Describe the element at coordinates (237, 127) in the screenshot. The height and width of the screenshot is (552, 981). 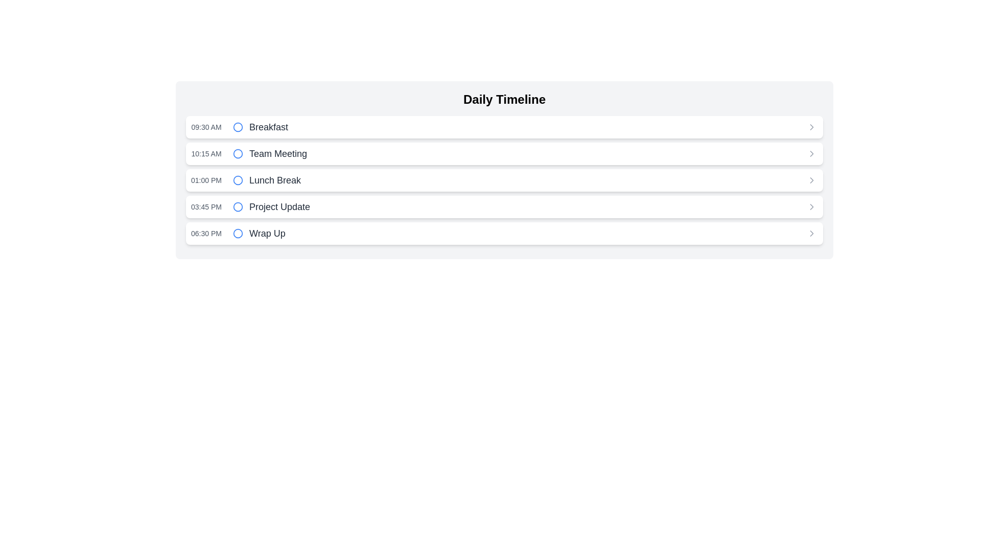
I see `the circular outline with a blue stroke located next to the text 'Breakfast' in the timetable list, specifically the first circle in the sequence for the '09:30 AM Breakfast' item` at that location.